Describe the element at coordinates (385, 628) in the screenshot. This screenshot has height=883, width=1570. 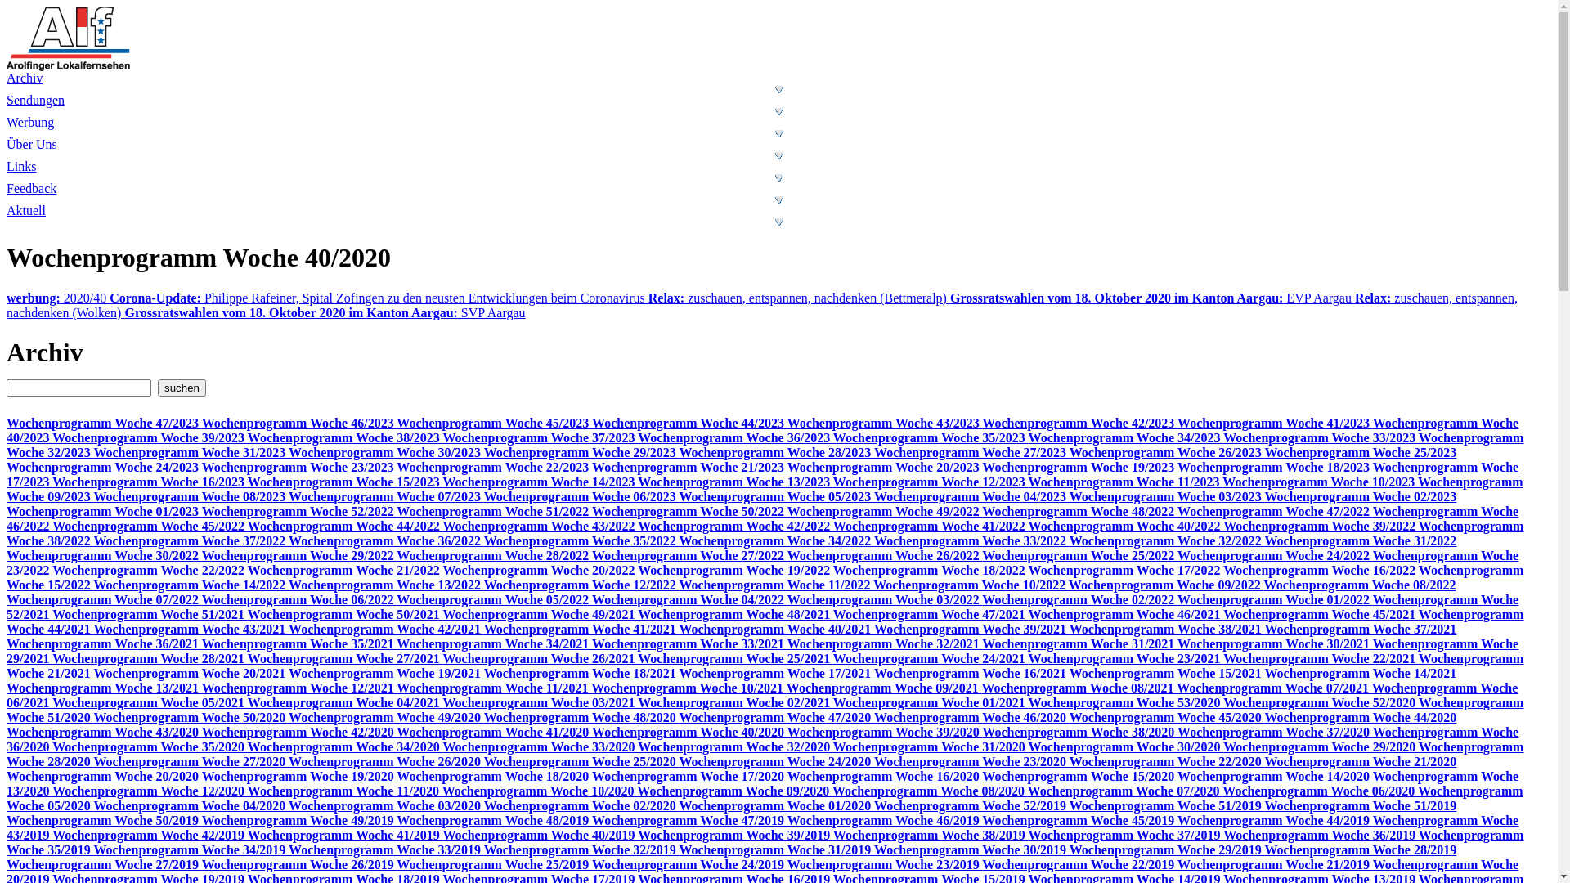
I see `'Wochenprogramm Woche 42/2021'` at that location.